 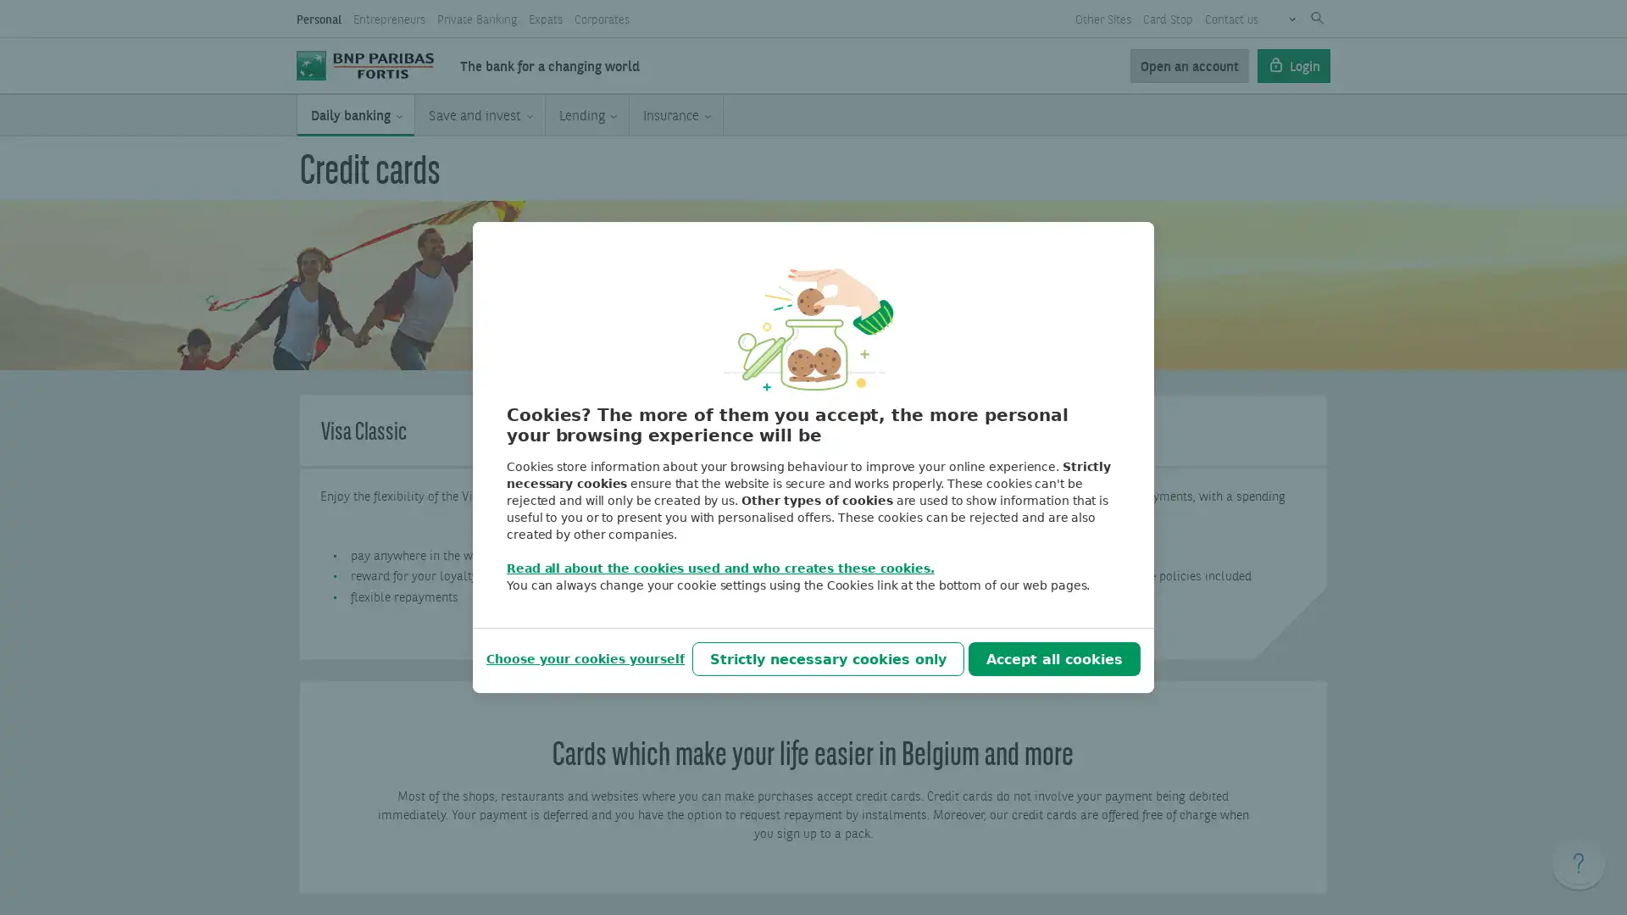 I want to click on Submit, so click(x=1317, y=19).